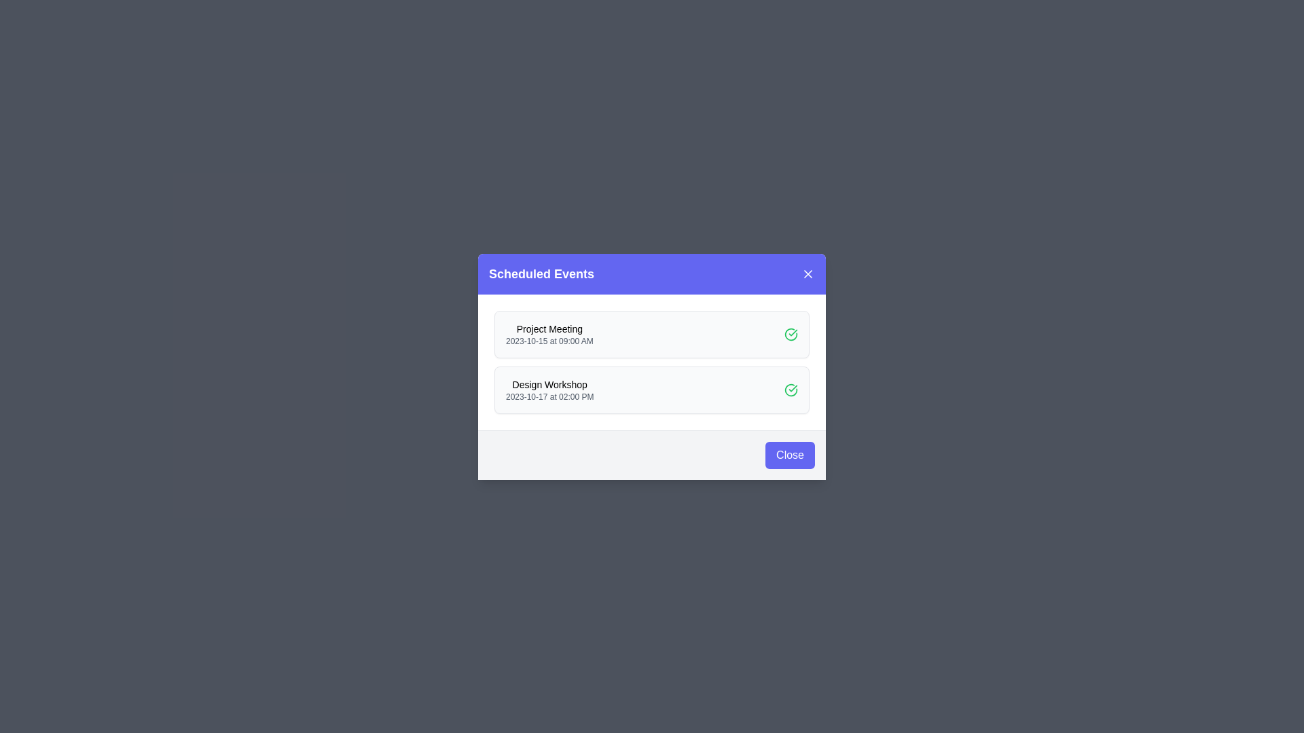  I want to click on the green check-circle icon indicating the positive status of the 'Project Meeting' entry located in the 'Scheduled Events' dialog box, so click(791, 334).